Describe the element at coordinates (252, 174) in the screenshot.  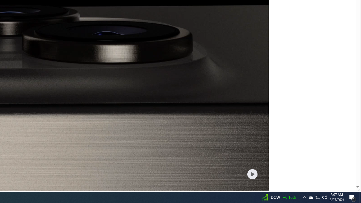
I see `'Class: control-centered-small-icon'` at that location.